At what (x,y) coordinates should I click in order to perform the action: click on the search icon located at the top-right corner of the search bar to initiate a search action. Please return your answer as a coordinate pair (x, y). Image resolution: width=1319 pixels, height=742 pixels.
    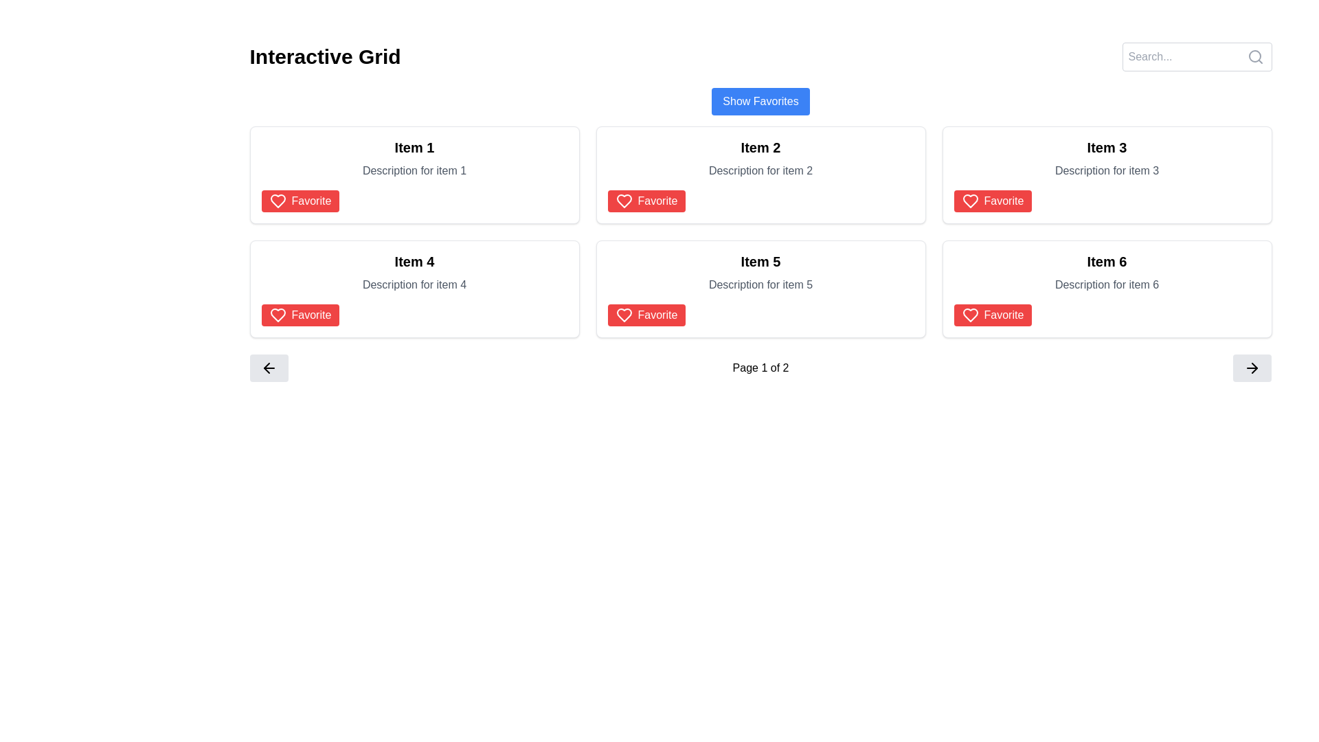
    Looking at the image, I should click on (1255, 56).